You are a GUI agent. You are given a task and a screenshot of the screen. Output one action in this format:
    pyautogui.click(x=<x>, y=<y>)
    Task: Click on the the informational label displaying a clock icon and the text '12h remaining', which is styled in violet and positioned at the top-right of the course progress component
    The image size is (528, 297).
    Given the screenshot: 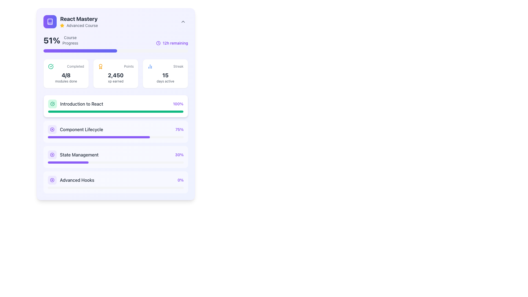 What is the action you would take?
    pyautogui.click(x=172, y=43)
    